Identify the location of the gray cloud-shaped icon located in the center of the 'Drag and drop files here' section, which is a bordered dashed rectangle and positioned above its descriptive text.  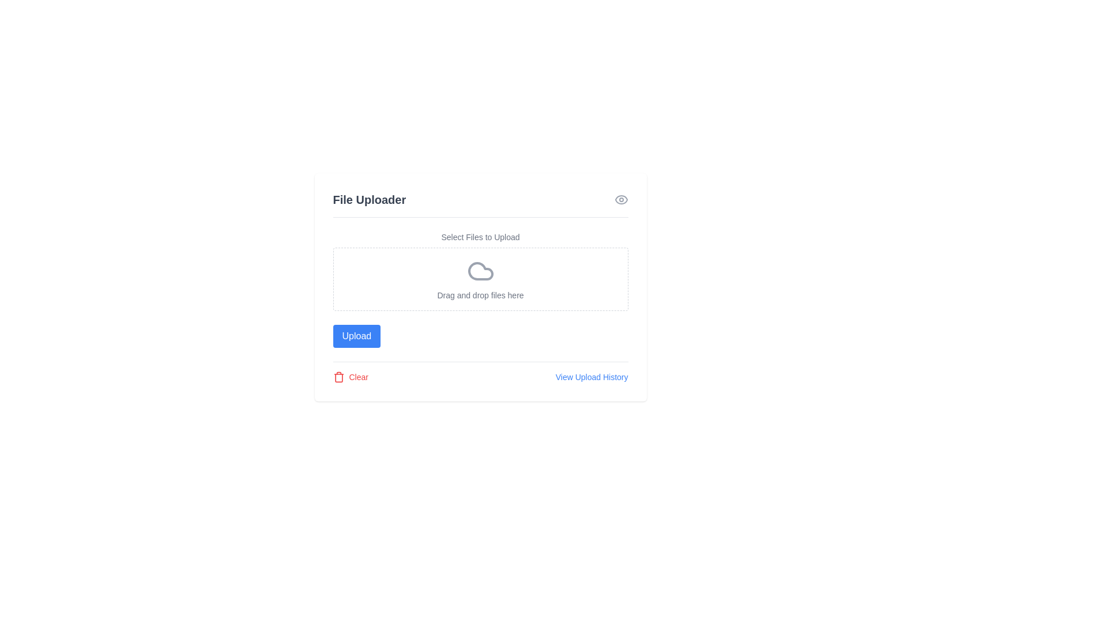
(480, 271).